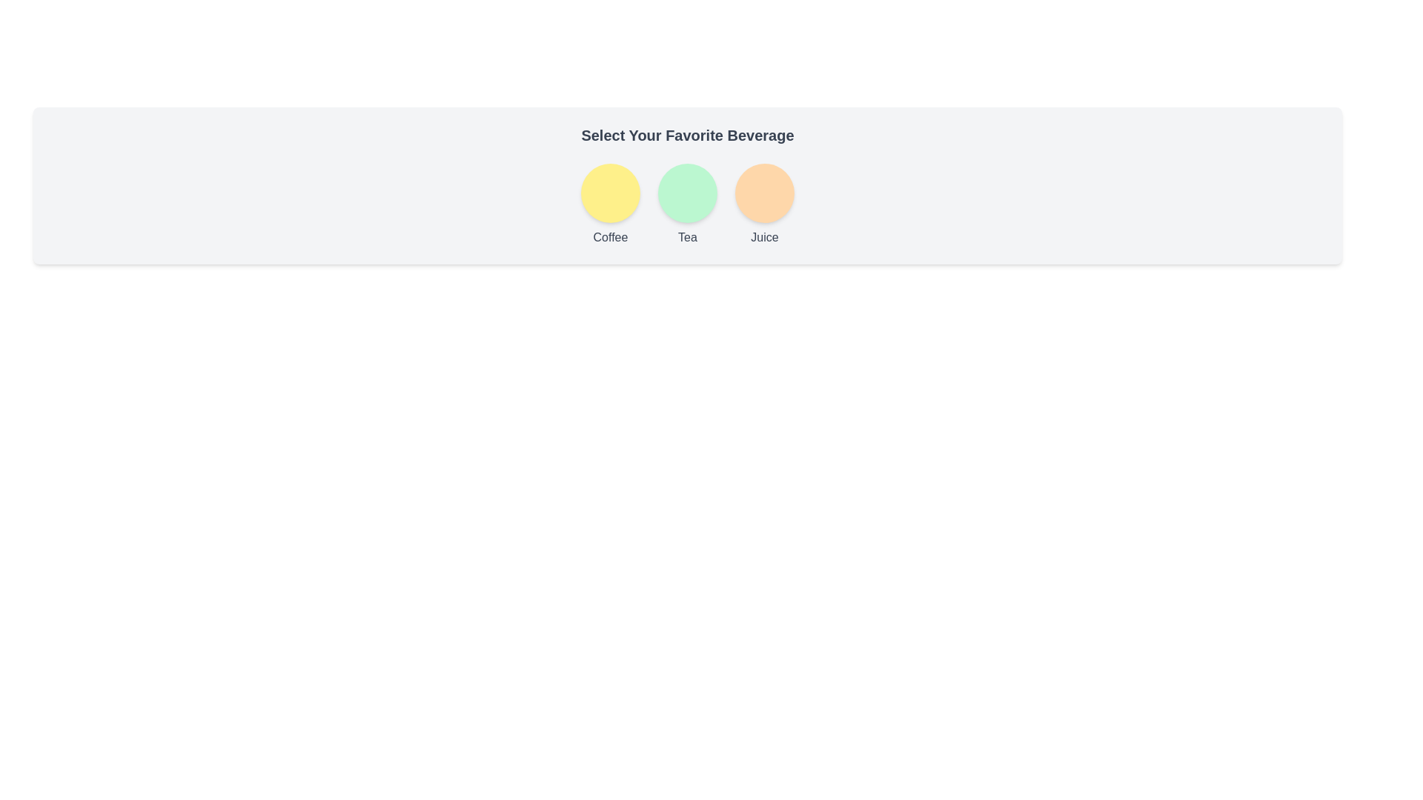 This screenshot has width=1423, height=800. Describe the element at coordinates (611, 193) in the screenshot. I see `the circular yellow button labeled 'Coffee'` at that location.